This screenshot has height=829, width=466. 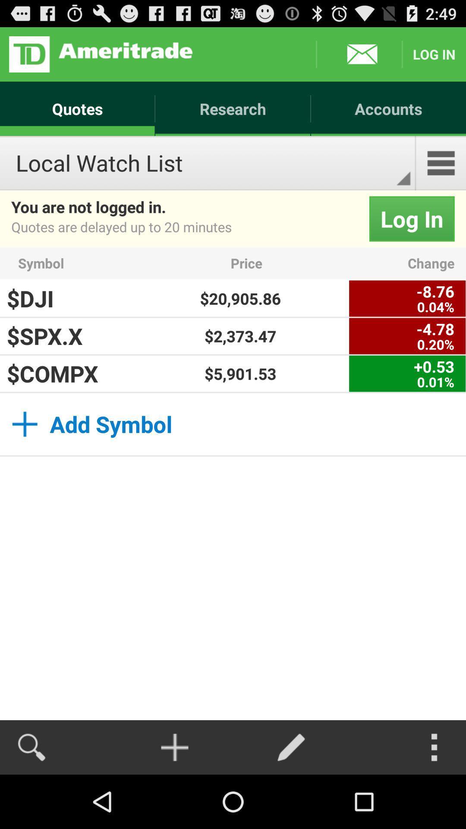 What do you see at coordinates (359, 54) in the screenshot?
I see `check messages` at bounding box center [359, 54].